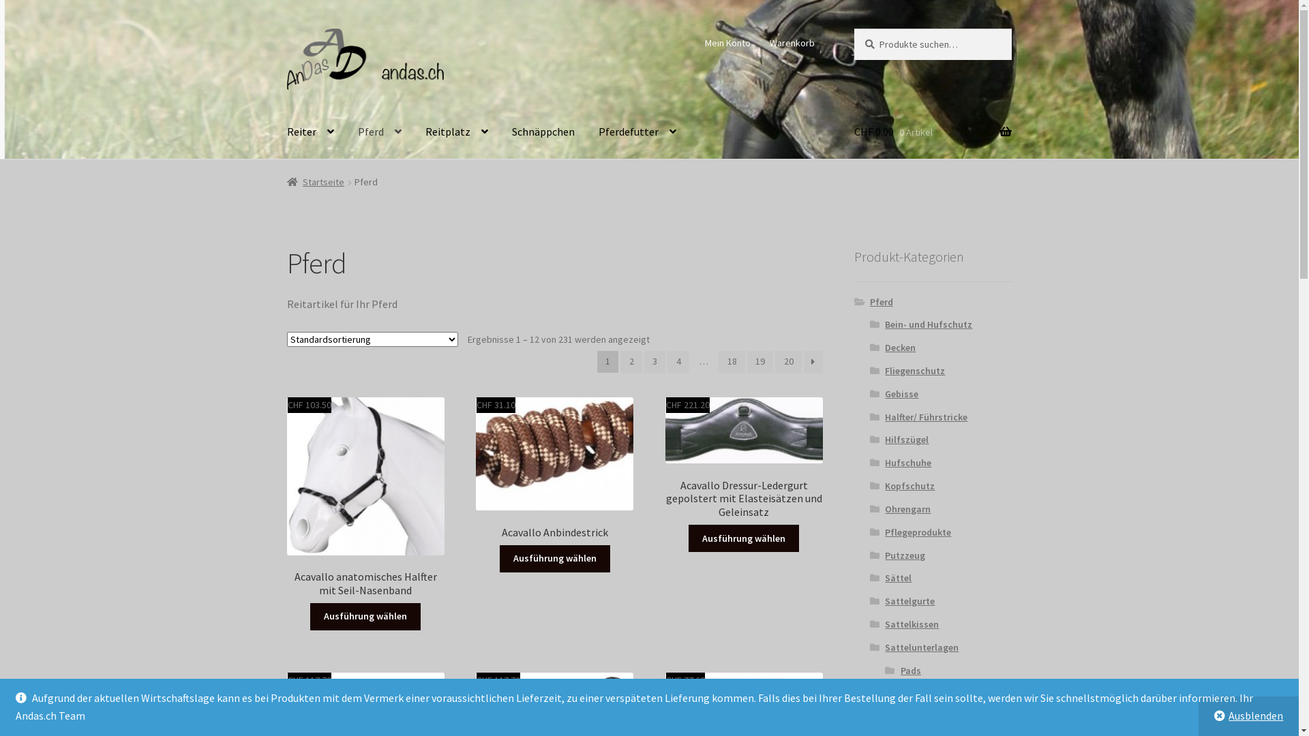 The width and height of the screenshot is (1309, 736). Describe the element at coordinates (928, 324) in the screenshot. I see `'Bein- und Hufschutz'` at that location.